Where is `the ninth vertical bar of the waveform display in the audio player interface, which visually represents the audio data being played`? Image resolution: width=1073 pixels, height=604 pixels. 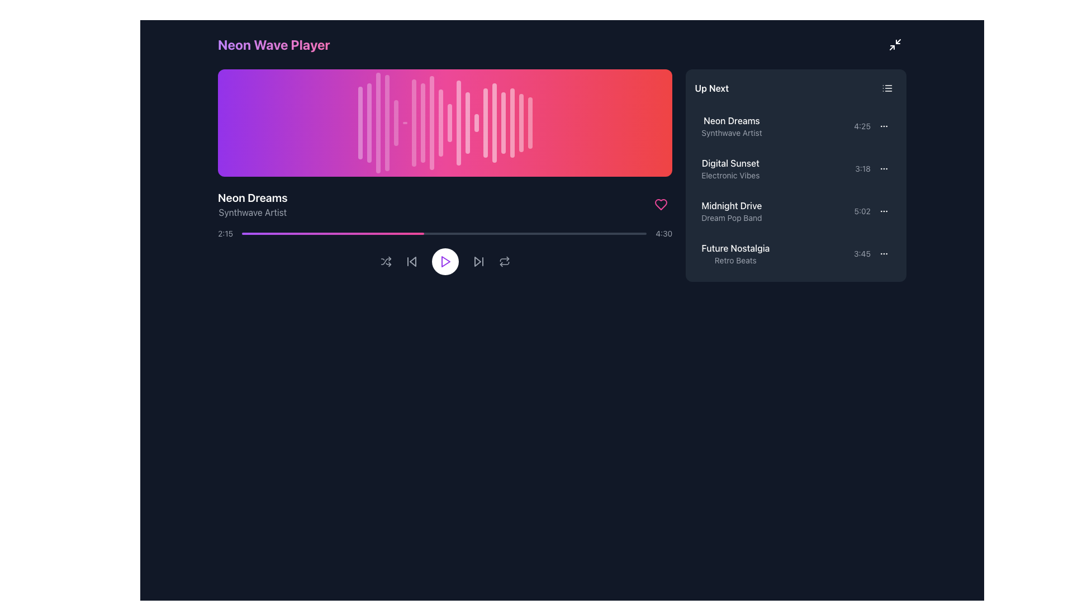
the ninth vertical bar of the waveform display in the audio player interface, which visually represents the audio data being played is located at coordinates (431, 122).